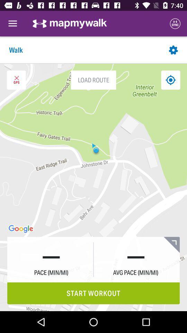 This screenshot has height=333, width=187. I want to click on location, so click(170, 80).